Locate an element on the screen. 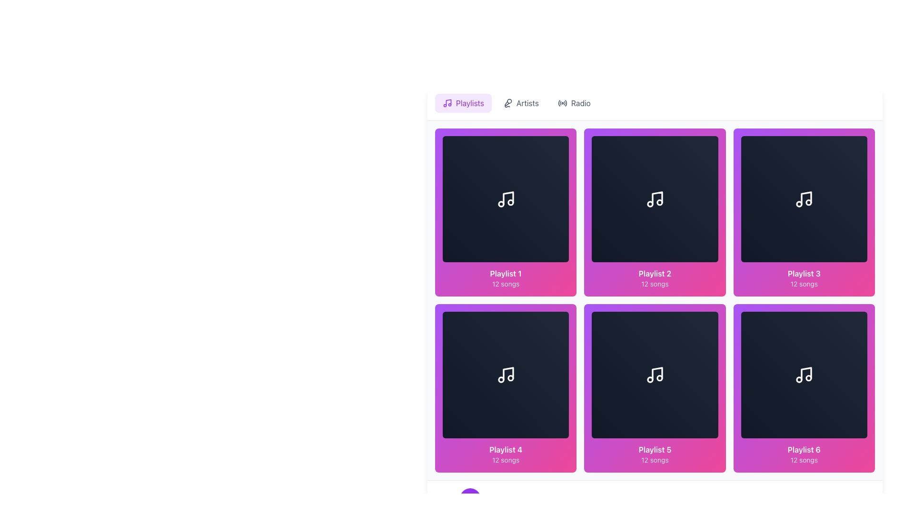 Image resolution: width=914 pixels, height=514 pixels. the dark square icon with a musical note, located above the 'Playlist 5' title and '12 songs' subtitle in the fifth grid position is located at coordinates (655, 374).